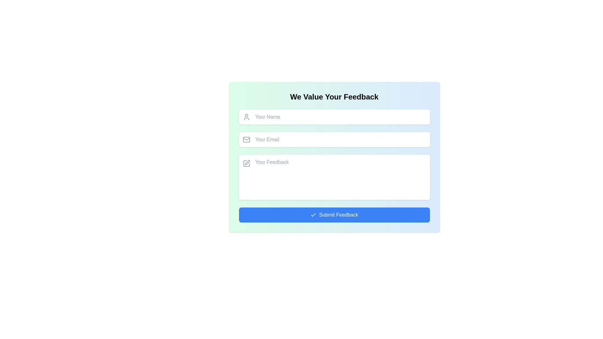 This screenshot has width=603, height=339. Describe the element at coordinates (246, 139) in the screenshot. I see `the email icon which visually signifies the adjacent email input field, positioned centrally to the left of the email text area` at that location.